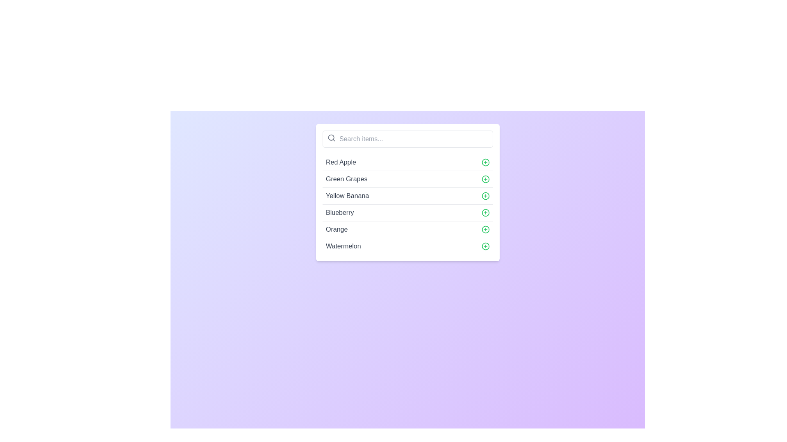 The width and height of the screenshot is (787, 442). I want to click on the selectable list item for 'Watermelon', so click(407, 246).